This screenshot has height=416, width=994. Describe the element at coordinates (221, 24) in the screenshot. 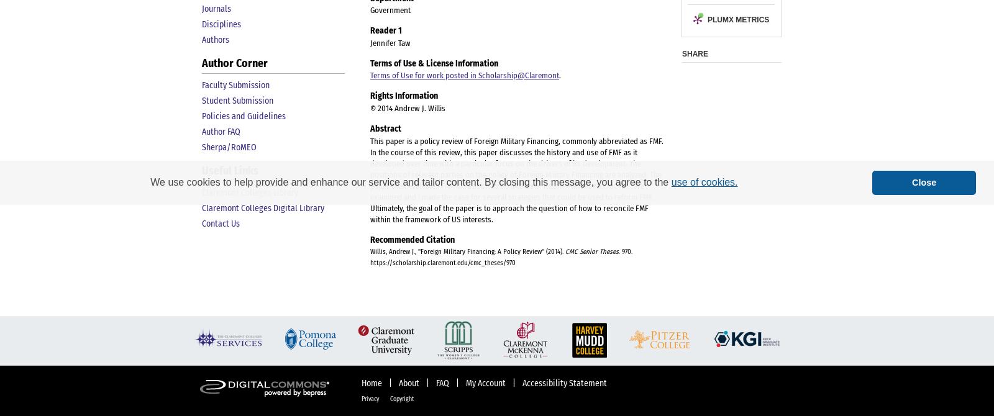

I see `'Disciplines'` at that location.